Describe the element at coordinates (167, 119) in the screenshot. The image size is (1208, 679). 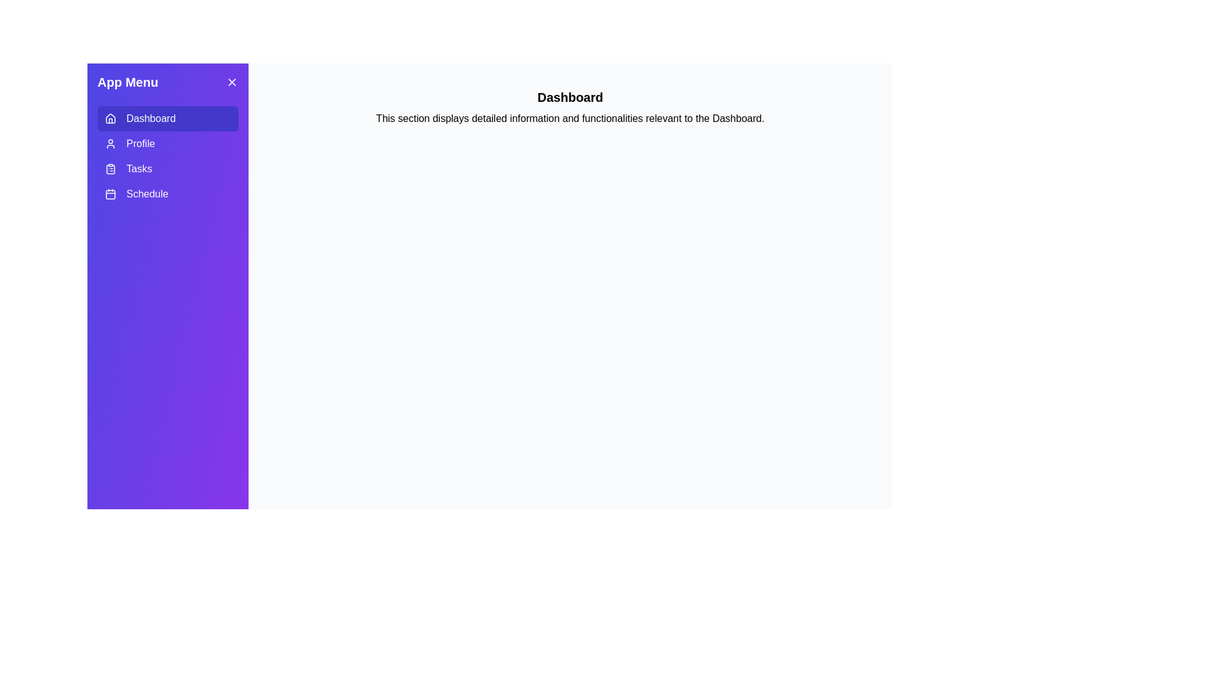
I see `the tab labeled Dashboard to switch to that tab` at that location.